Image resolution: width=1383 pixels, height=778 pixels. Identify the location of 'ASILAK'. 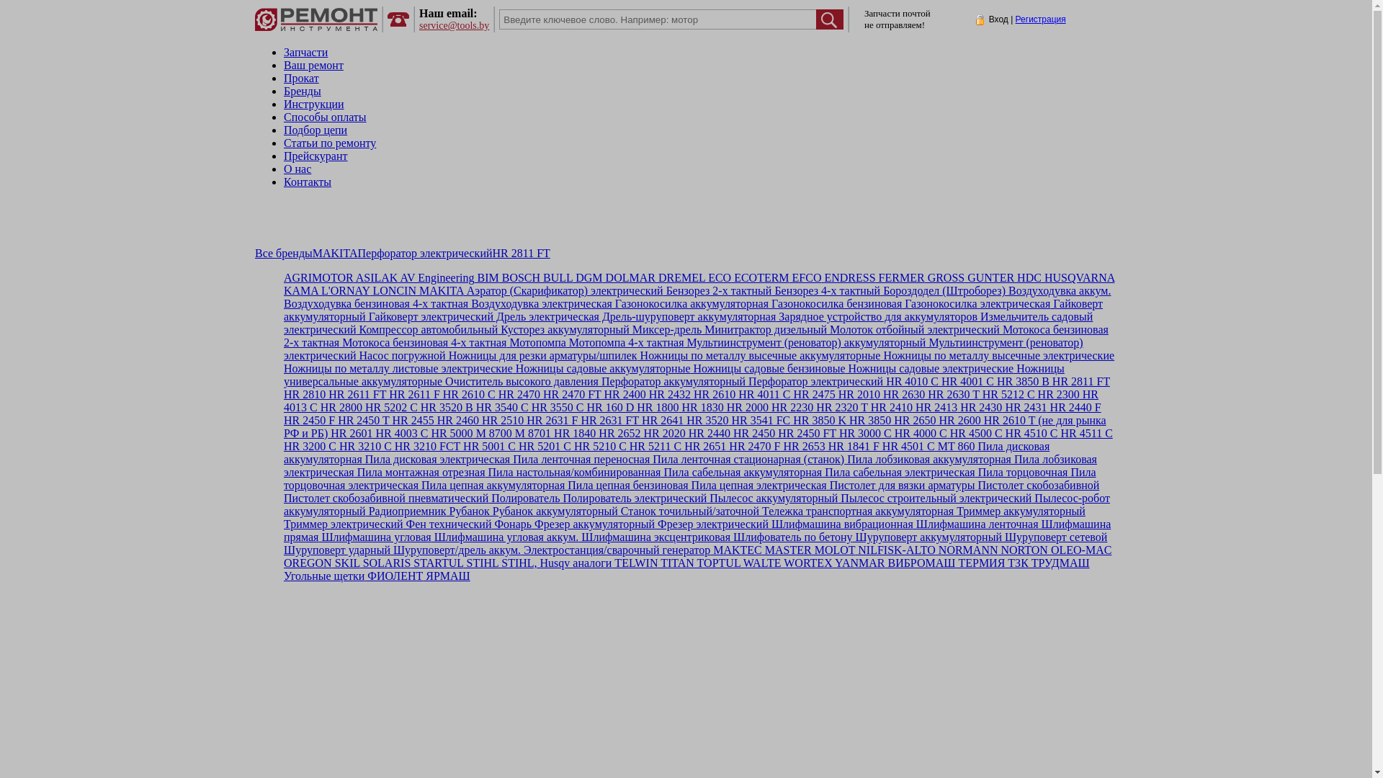
(376, 277).